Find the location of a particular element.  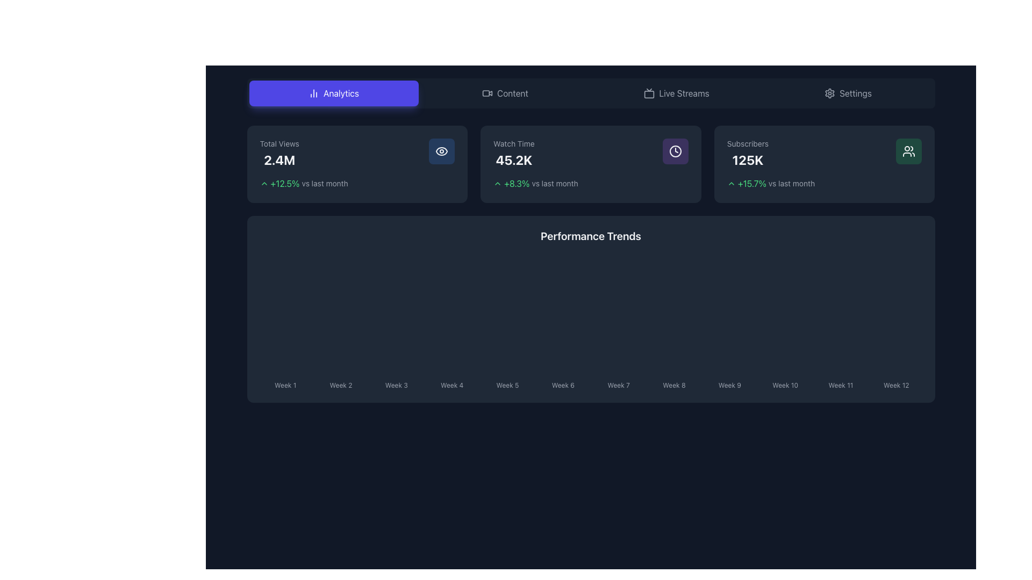

the static text label displaying '45.2K' in bold, large sans-serif font, located under the 'Watch Time' panel is located at coordinates (513, 160).